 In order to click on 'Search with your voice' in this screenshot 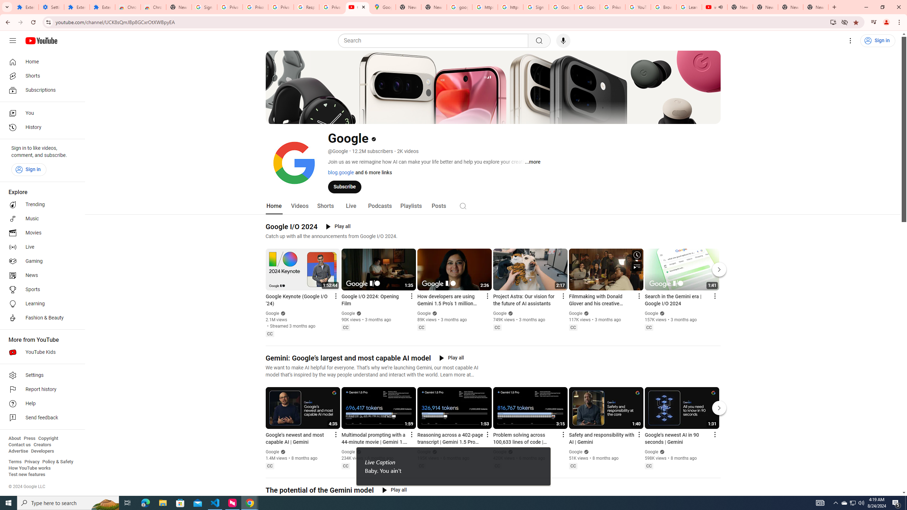, I will do `click(563, 40)`.